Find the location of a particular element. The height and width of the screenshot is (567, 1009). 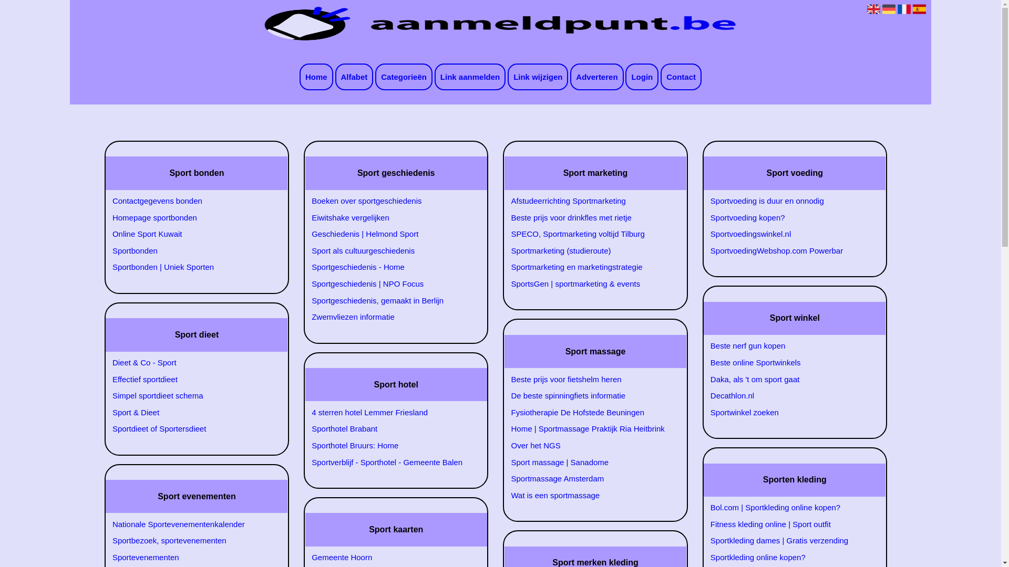

'Over het NGS' is located at coordinates (589, 445).